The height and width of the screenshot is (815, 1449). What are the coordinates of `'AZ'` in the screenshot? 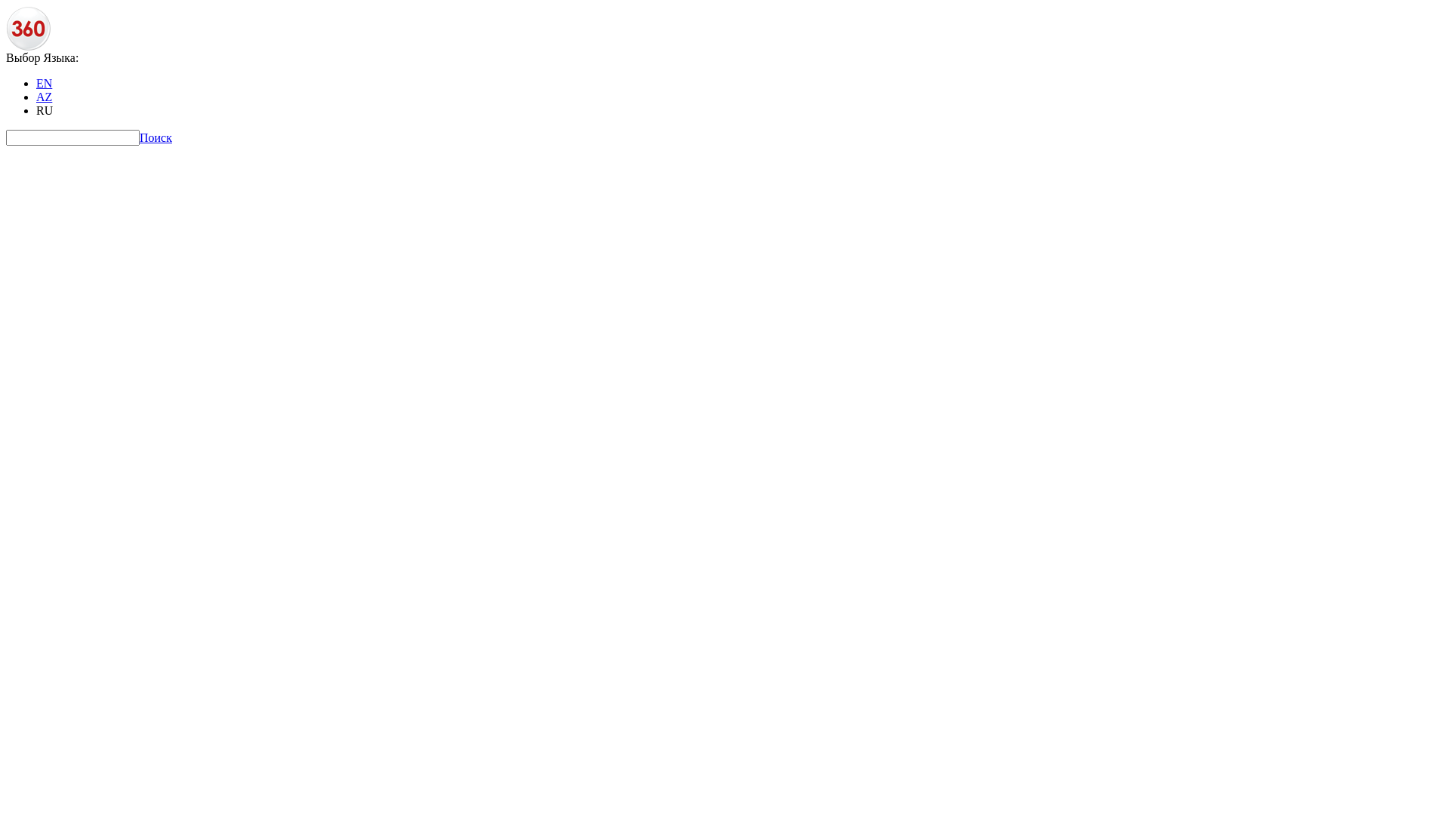 It's located at (44, 97).